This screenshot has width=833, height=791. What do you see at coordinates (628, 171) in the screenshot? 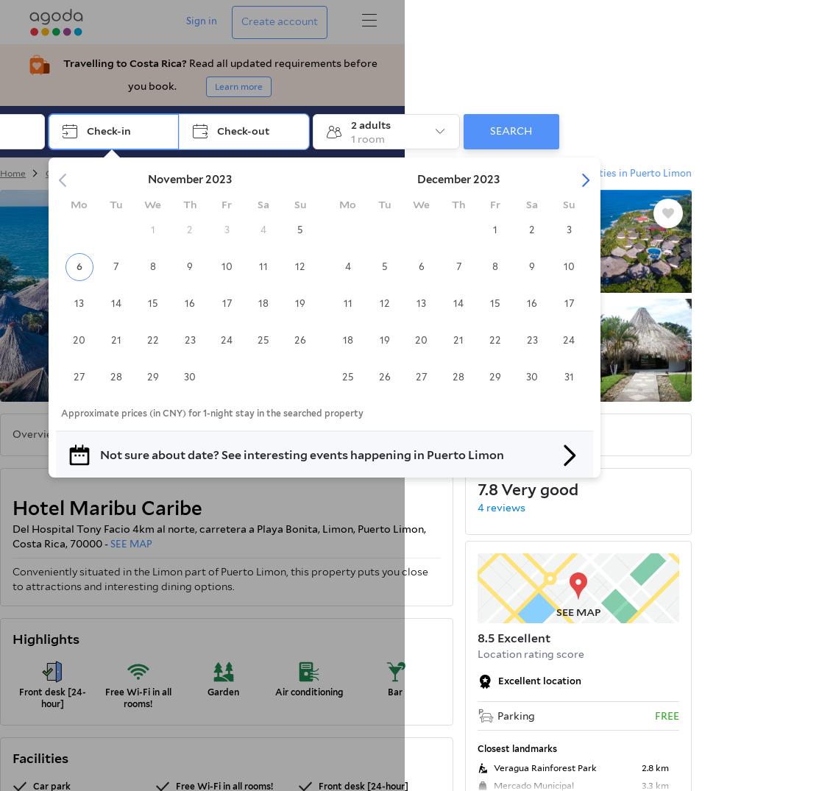
I see `'properties in Puerto Limon'` at bounding box center [628, 171].